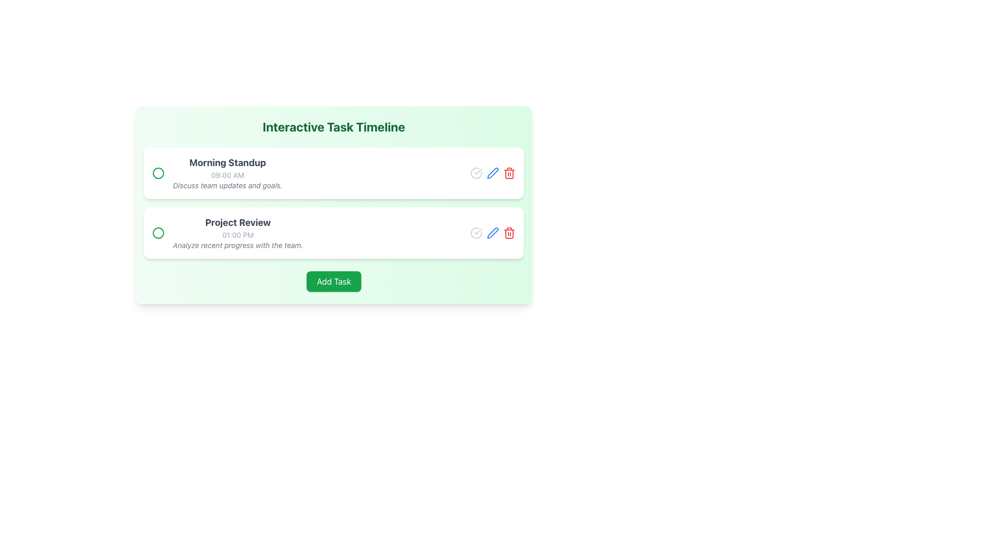 This screenshot has height=557, width=991. Describe the element at coordinates (334, 233) in the screenshot. I see `the status indicator circle of the second task card in the timeline` at that location.